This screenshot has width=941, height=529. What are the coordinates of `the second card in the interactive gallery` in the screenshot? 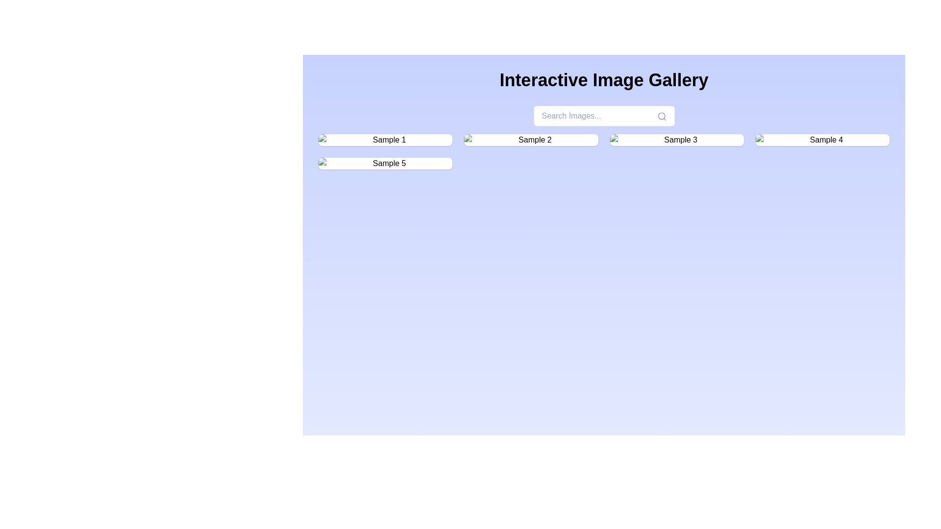 It's located at (530, 140).